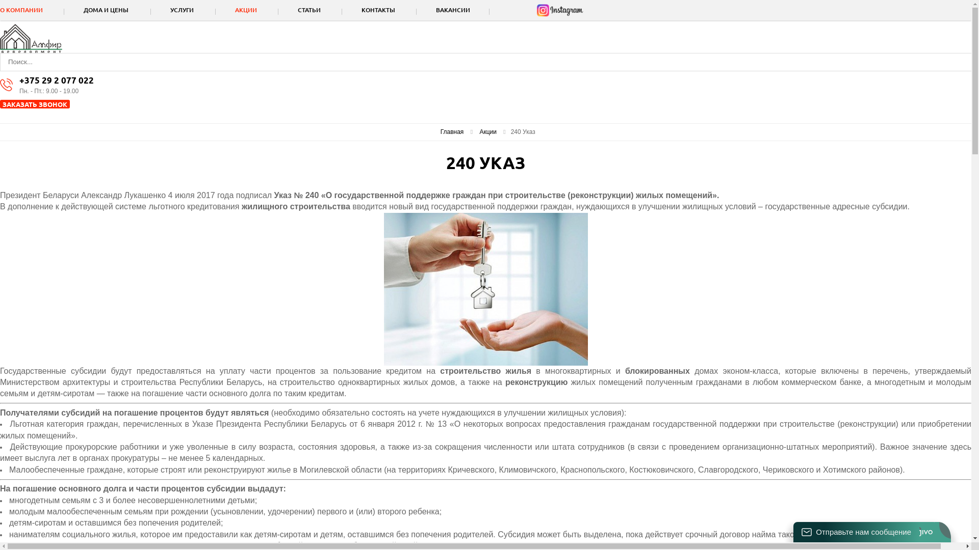  I want to click on '+375 29 2 077 022', so click(19, 80).